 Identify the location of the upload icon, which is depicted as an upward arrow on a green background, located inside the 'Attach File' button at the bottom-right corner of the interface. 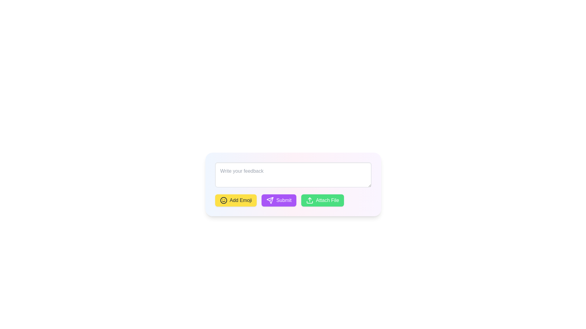
(310, 200).